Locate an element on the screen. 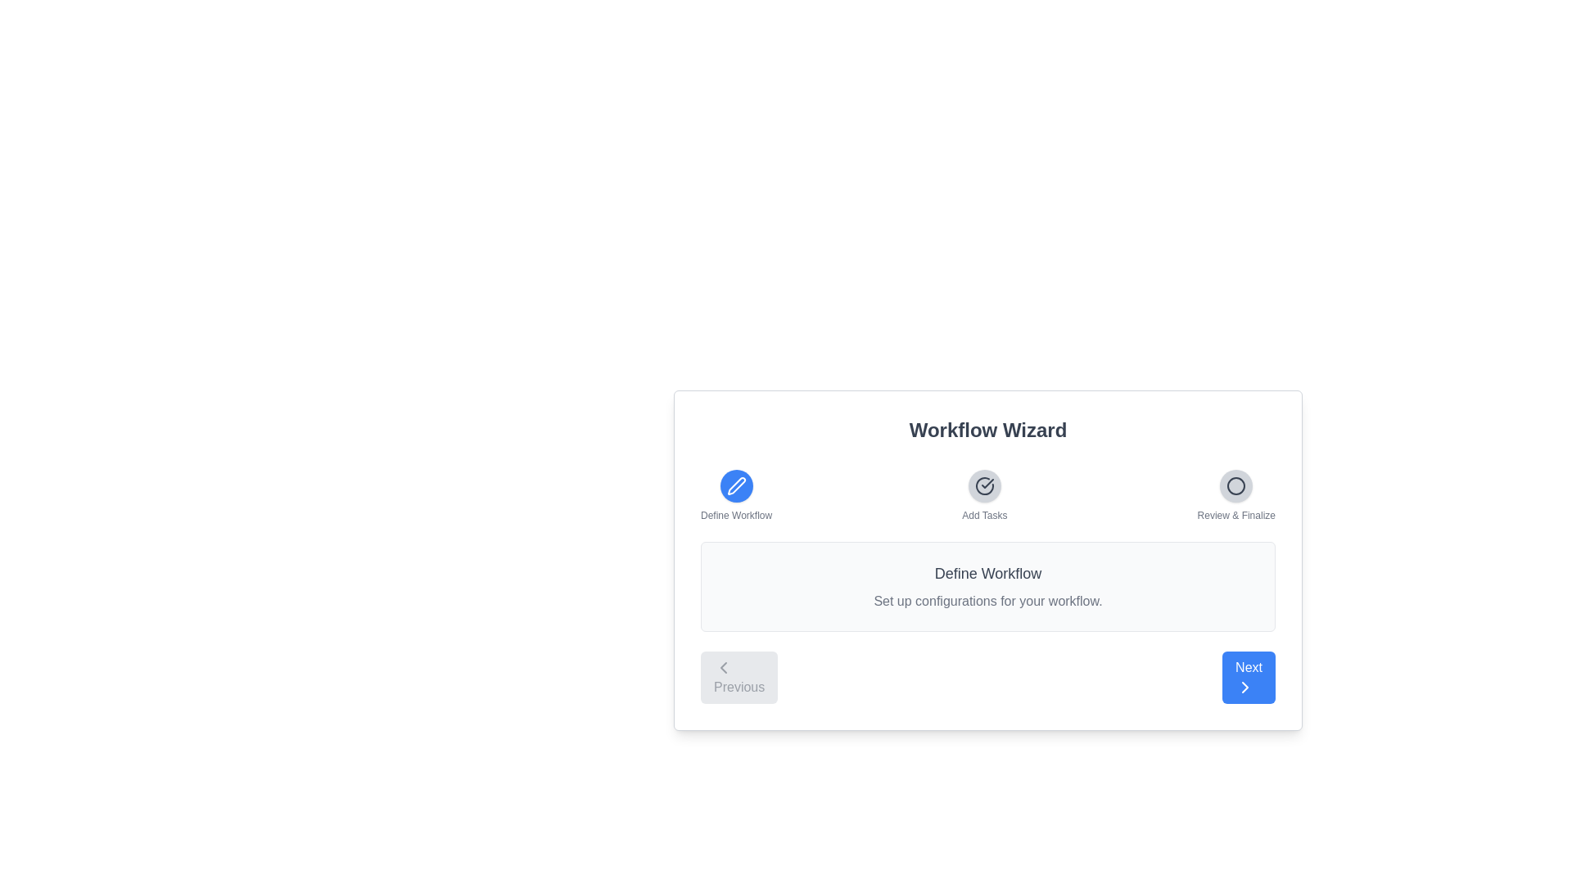 This screenshot has height=884, width=1572. the 'Review & Finalize' static infographic element, which features a grey hollow circular icon and the label in a smaller sans-serif font below it is located at coordinates (1236, 494).